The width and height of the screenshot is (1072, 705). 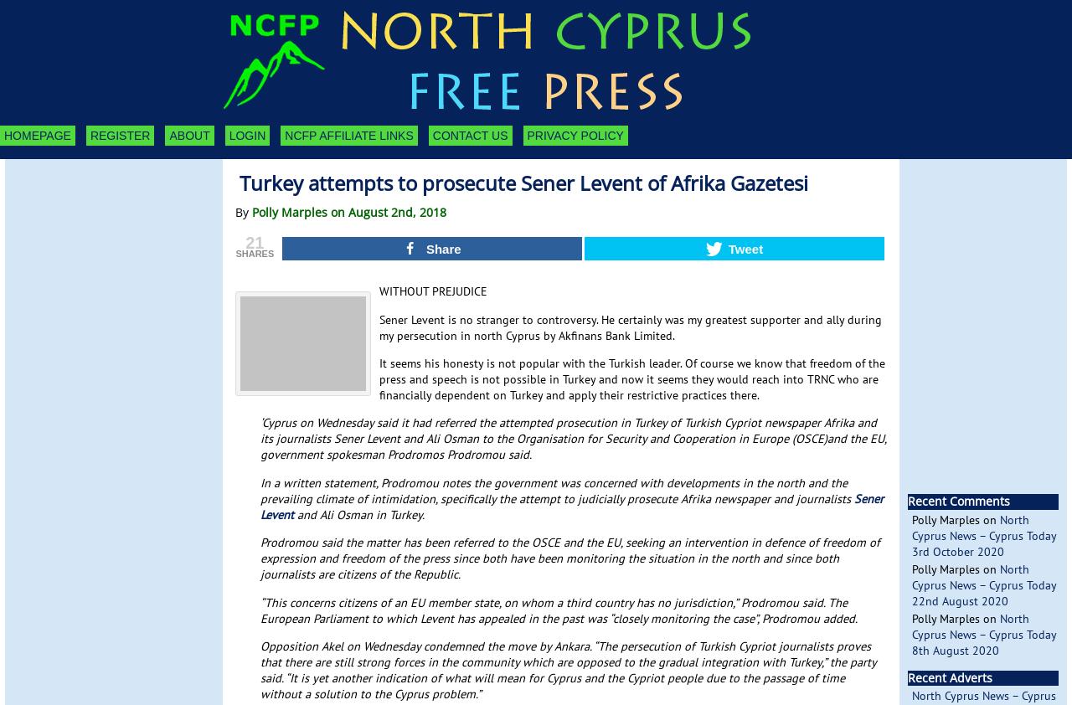 What do you see at coordinates (983, 584) in the screenshot?
I see `'North Cyprus News – Cyprus Today 22nd August 2020'` at bounding box center [983, 584].